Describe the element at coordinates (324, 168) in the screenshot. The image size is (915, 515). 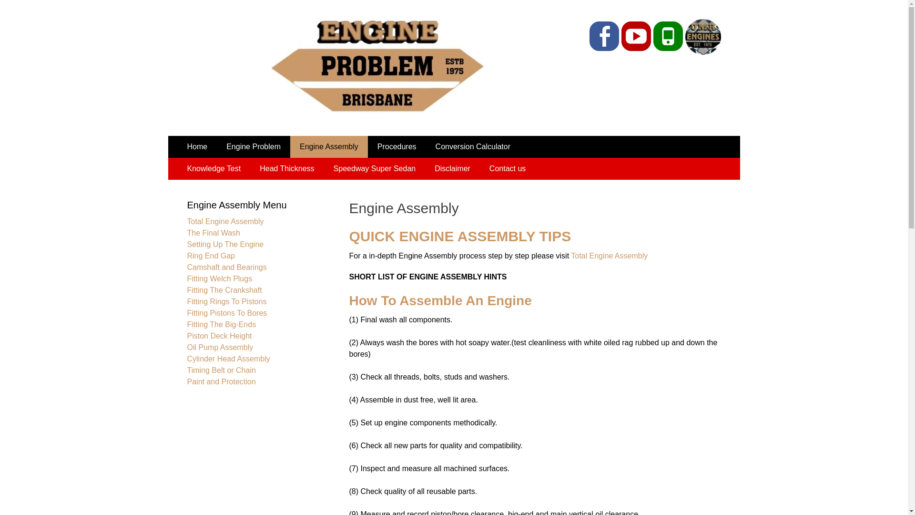
I see `'Speedway Super Sedan'` at that location.